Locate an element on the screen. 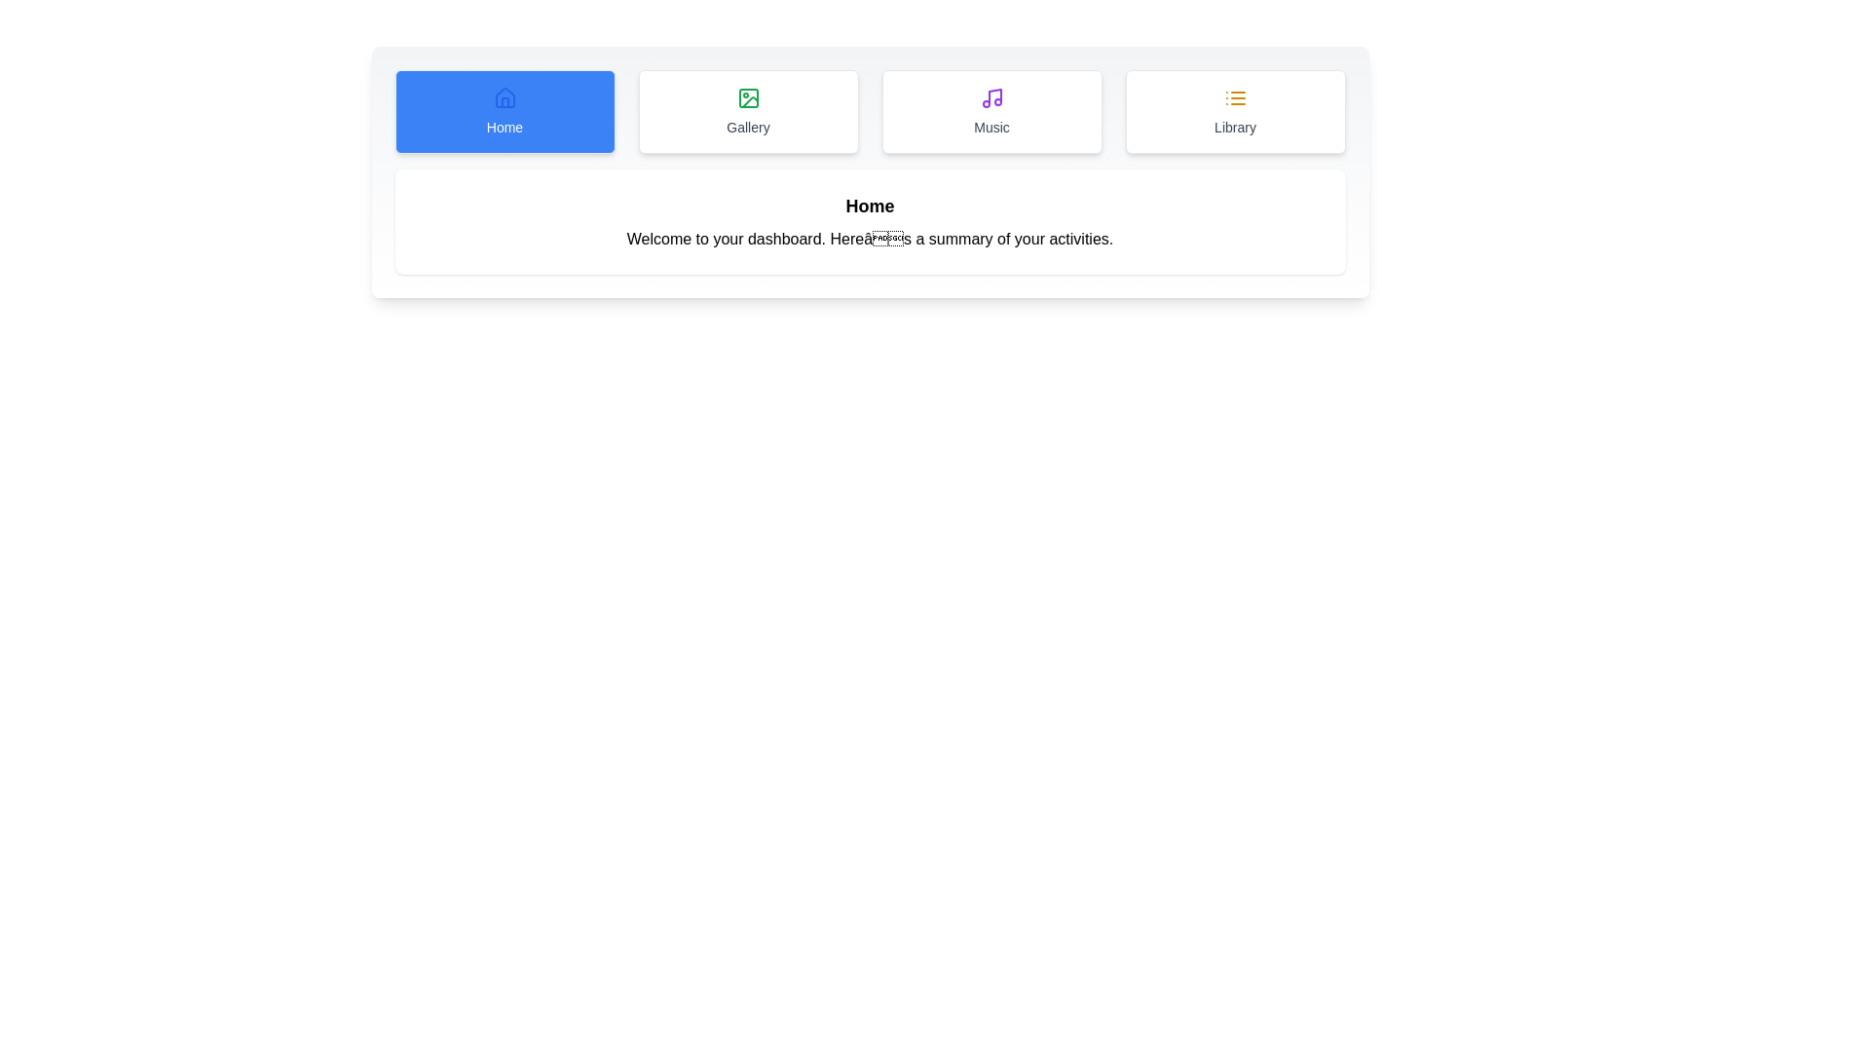  the Home tab to switch to it is located at coordinates (505, 112).